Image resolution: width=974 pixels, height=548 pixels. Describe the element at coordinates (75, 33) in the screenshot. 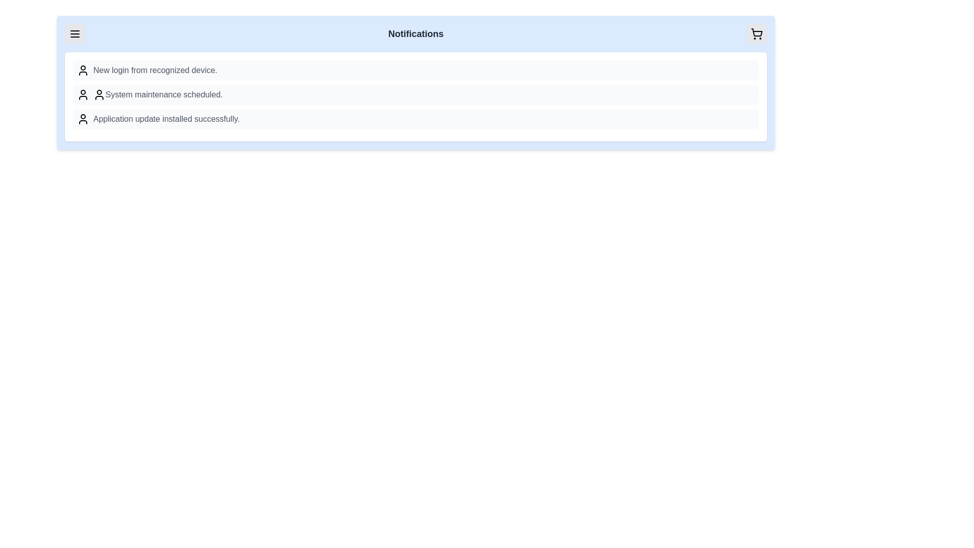

I see `the small rectangular button with rounded corners and a light gray background, featuring three horizontal black lines` at that location.